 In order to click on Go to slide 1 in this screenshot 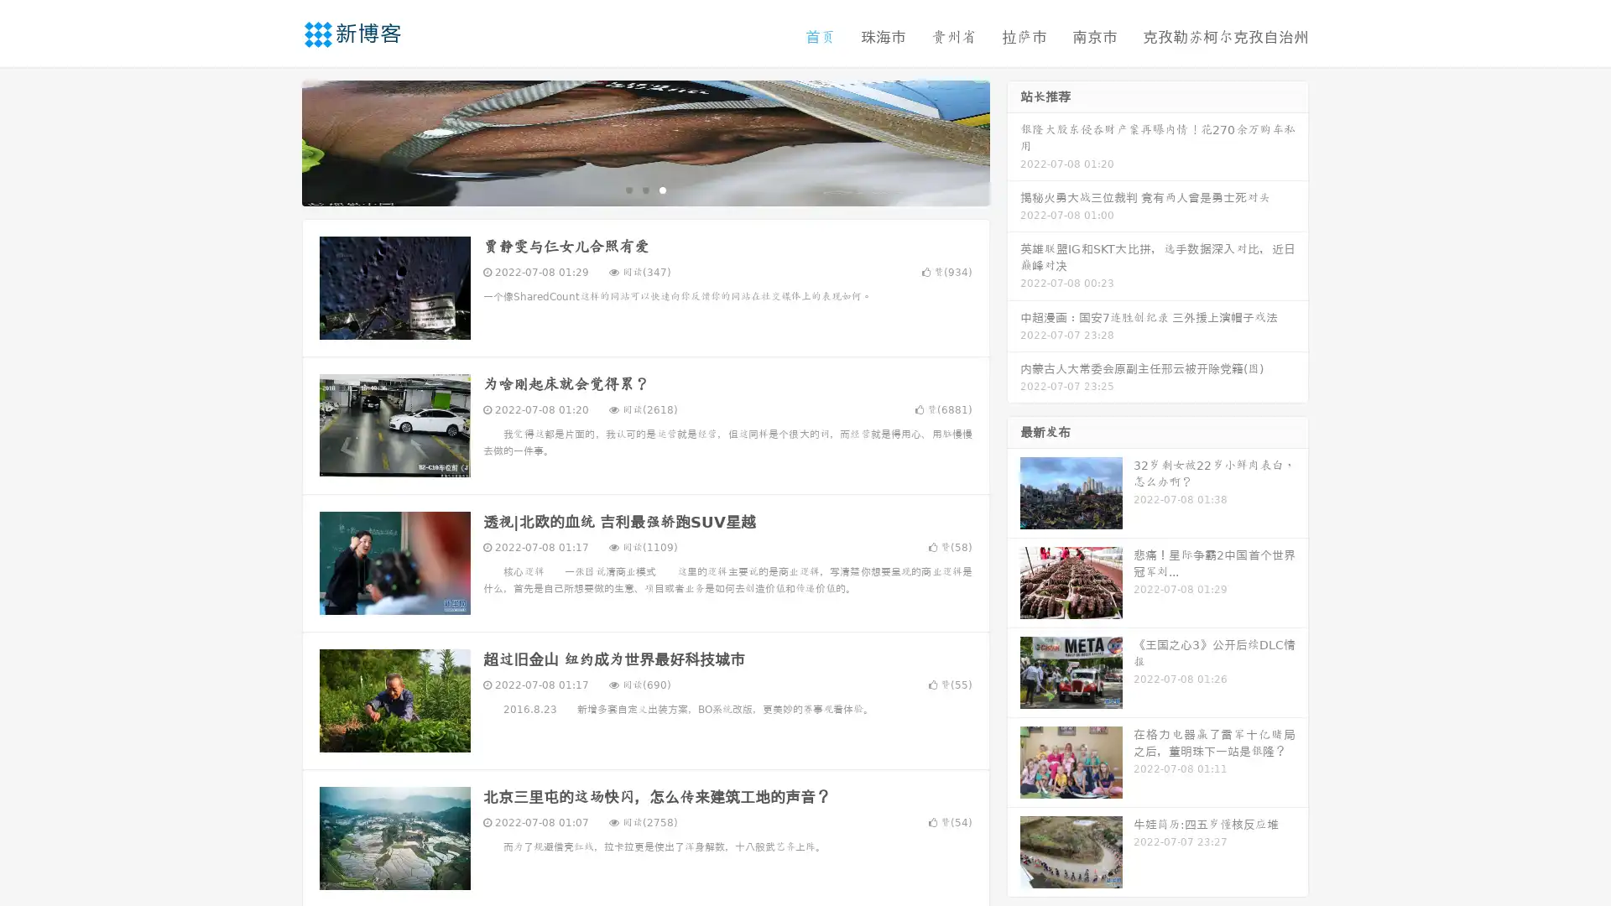, I will do `click(628, 189)`.